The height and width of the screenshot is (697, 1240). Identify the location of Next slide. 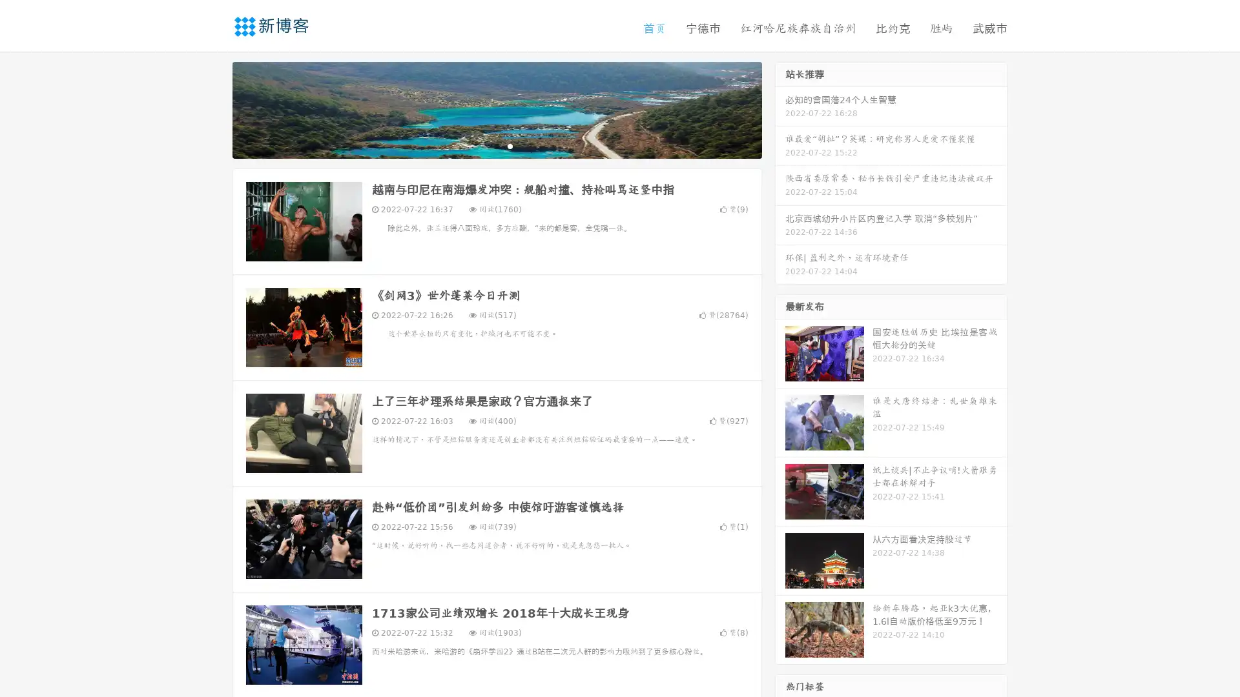
(780, 108).